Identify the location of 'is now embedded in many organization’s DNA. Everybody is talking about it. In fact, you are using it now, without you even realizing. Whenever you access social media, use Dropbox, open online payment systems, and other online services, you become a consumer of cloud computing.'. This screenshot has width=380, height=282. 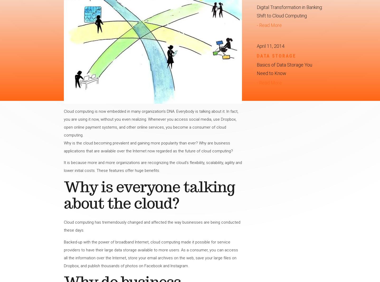
(151, 123).